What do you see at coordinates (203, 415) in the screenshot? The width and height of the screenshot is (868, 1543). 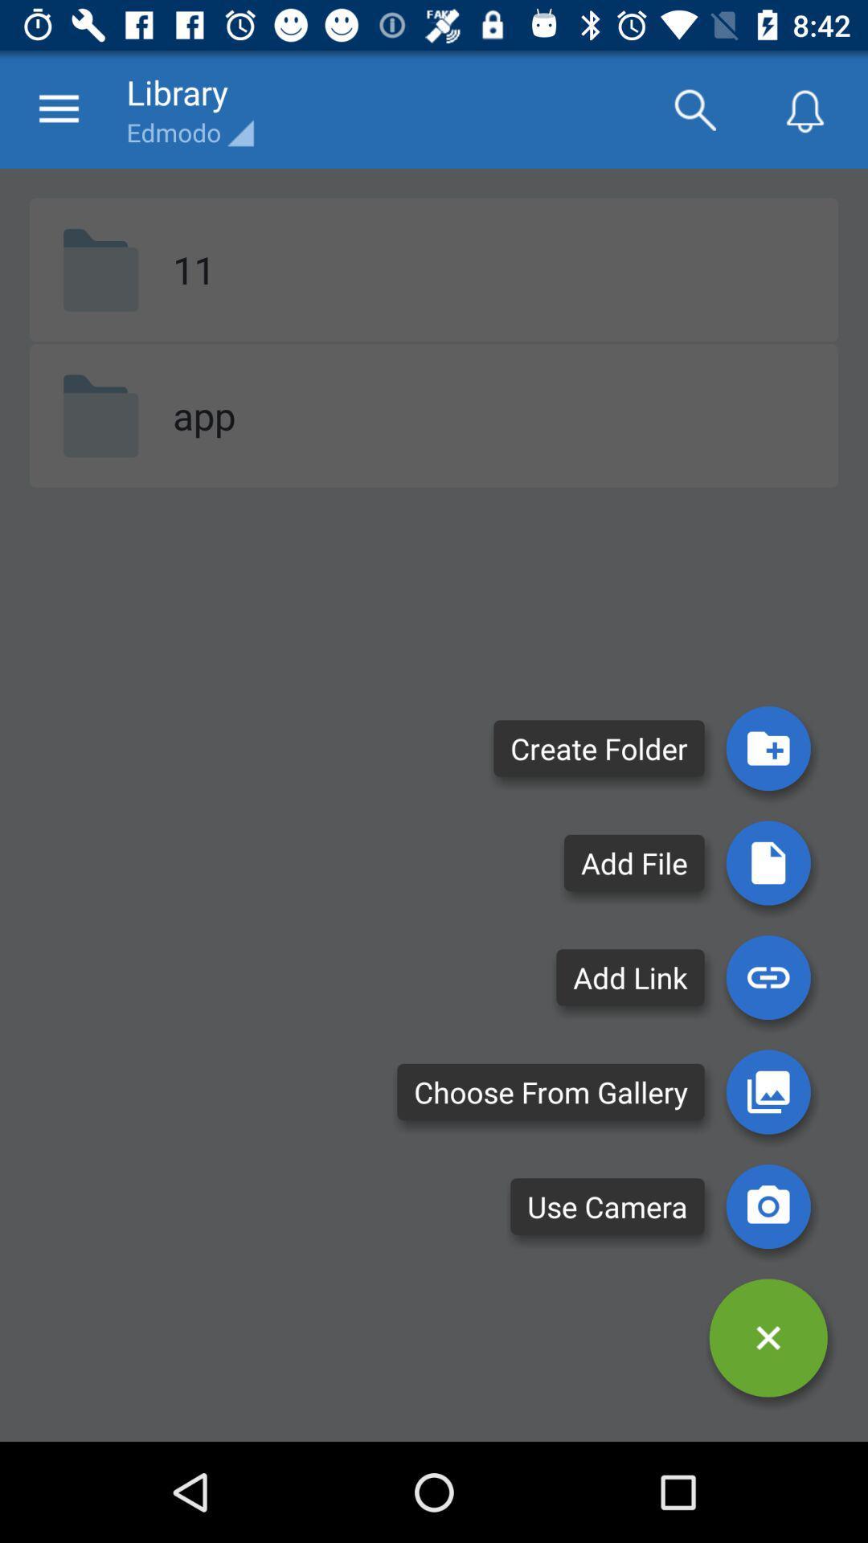 I see `the app icon` at bounding box center [203, 415].